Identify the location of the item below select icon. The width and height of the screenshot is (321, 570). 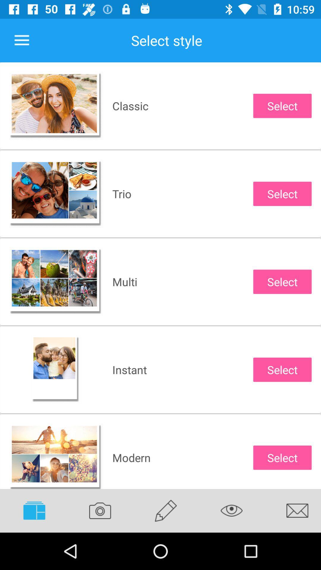
(292, 510).